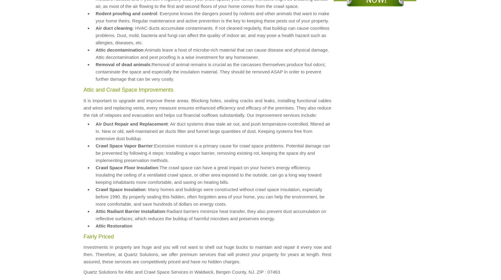 The image size is (501, 280). I want to click on 'Quartz Solutions for Attic and Crawl Space Services in Waldwick, Bergen County, NJ. ZIP : 07463', so click(181, 271).